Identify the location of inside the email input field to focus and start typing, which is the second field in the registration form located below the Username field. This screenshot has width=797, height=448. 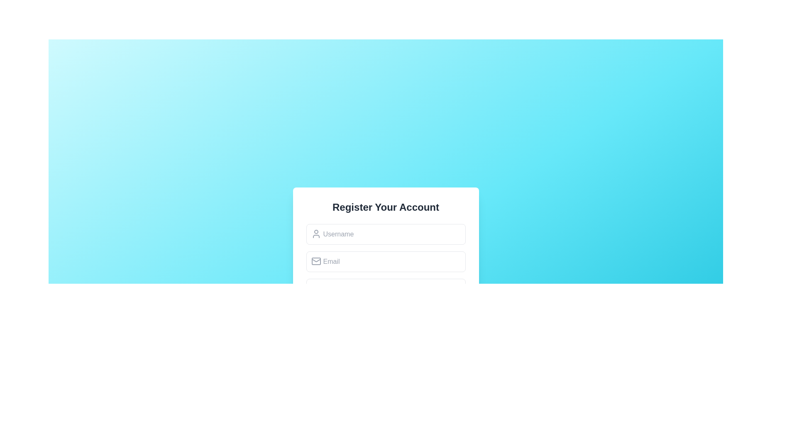
(385, 262).